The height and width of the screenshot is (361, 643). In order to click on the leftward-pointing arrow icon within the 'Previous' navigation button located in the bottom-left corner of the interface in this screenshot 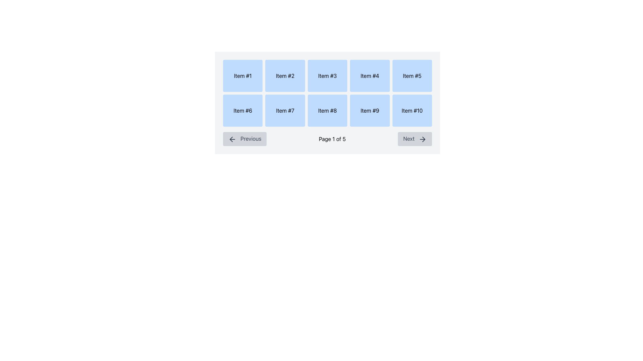, I will do `click(231, 139)`.